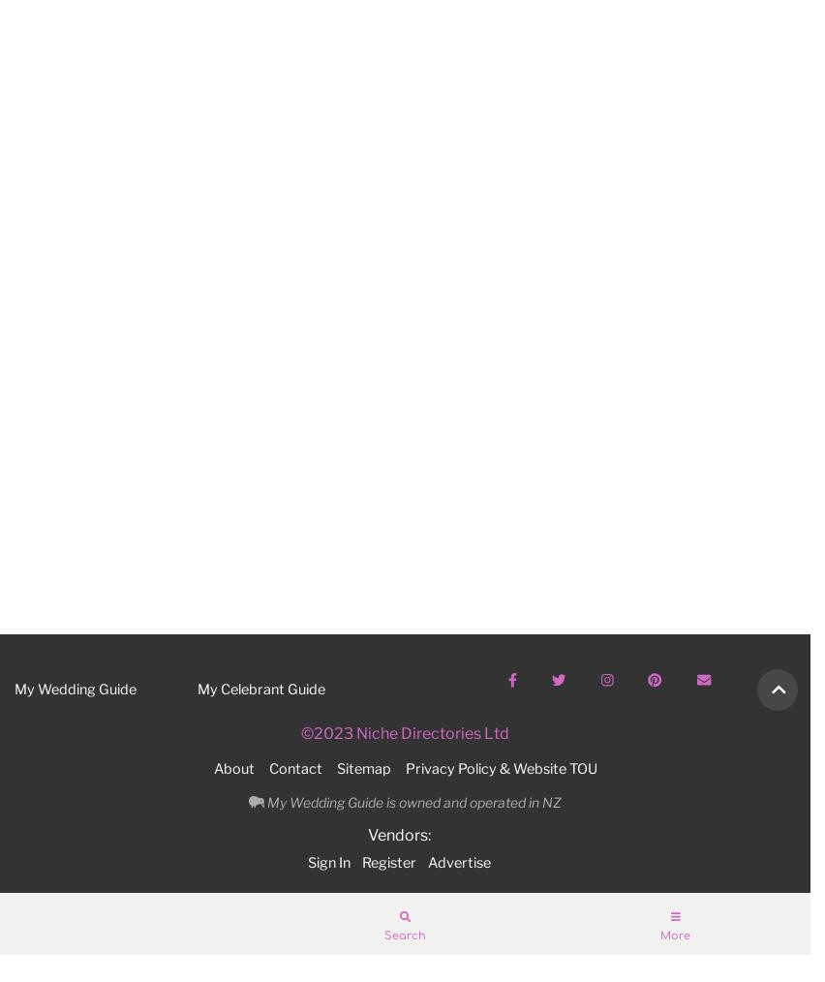 Image resolution: width=825 pixels, height=982 pixels. Describe the element at coordinates (76, 689) in the screenshot. I see `'My Wedding Guide'` at that location.